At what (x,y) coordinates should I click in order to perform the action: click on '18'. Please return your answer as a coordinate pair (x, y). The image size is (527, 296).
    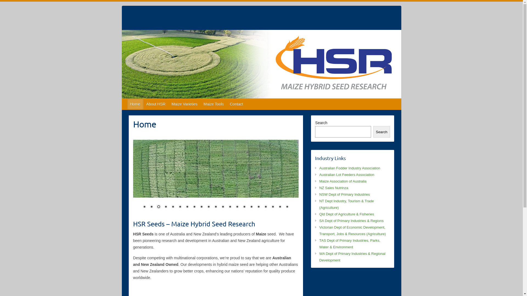
    Looking at the image, I should click on (266, 207).